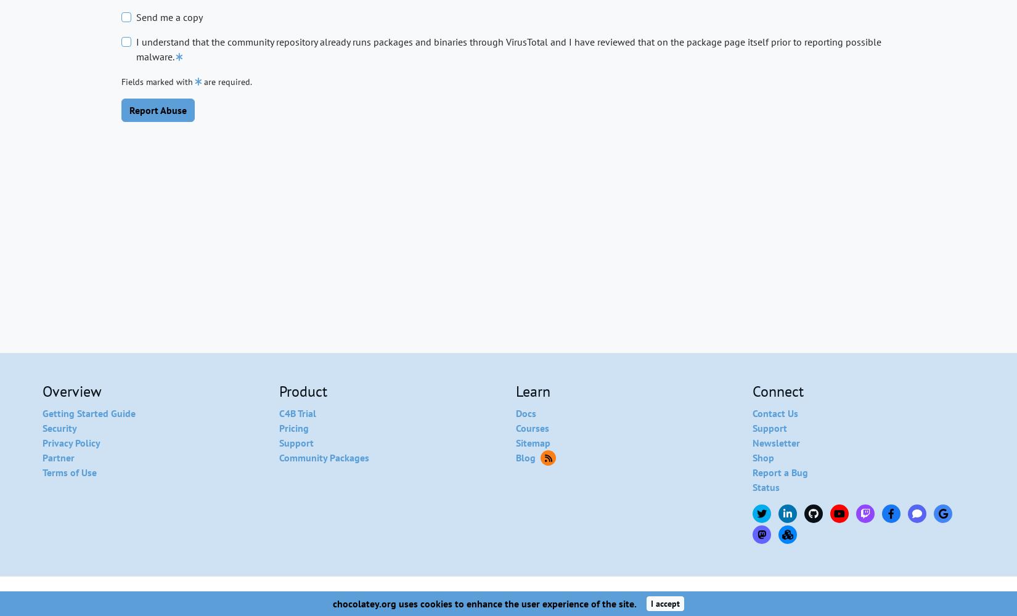 The width and height of the screenshot is (1017, 616). I want to click on 'Shop', so click(763, 457).